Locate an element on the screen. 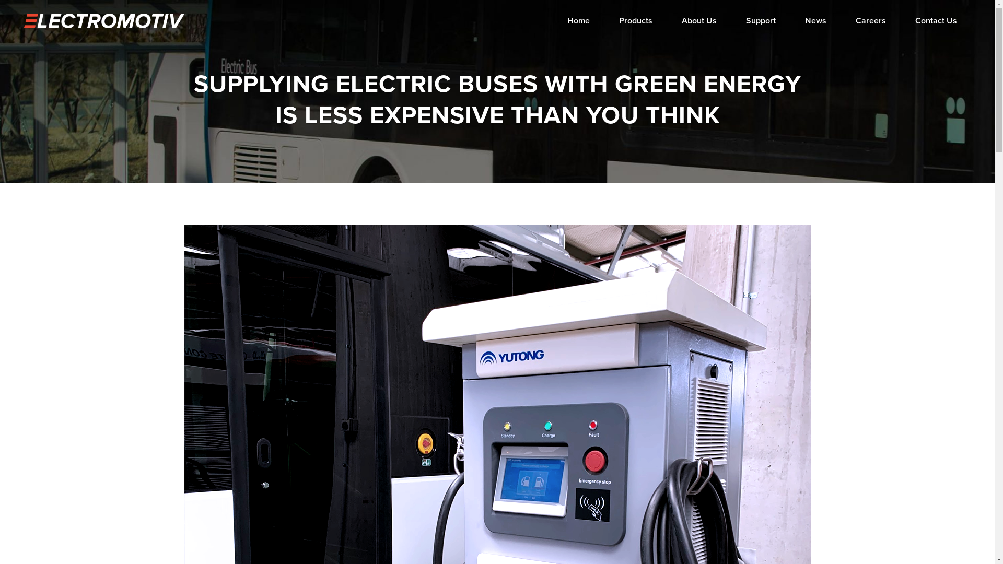 The width and height of the screenshot is (1003, 564). 'News' is located at coordinates (815, 20).